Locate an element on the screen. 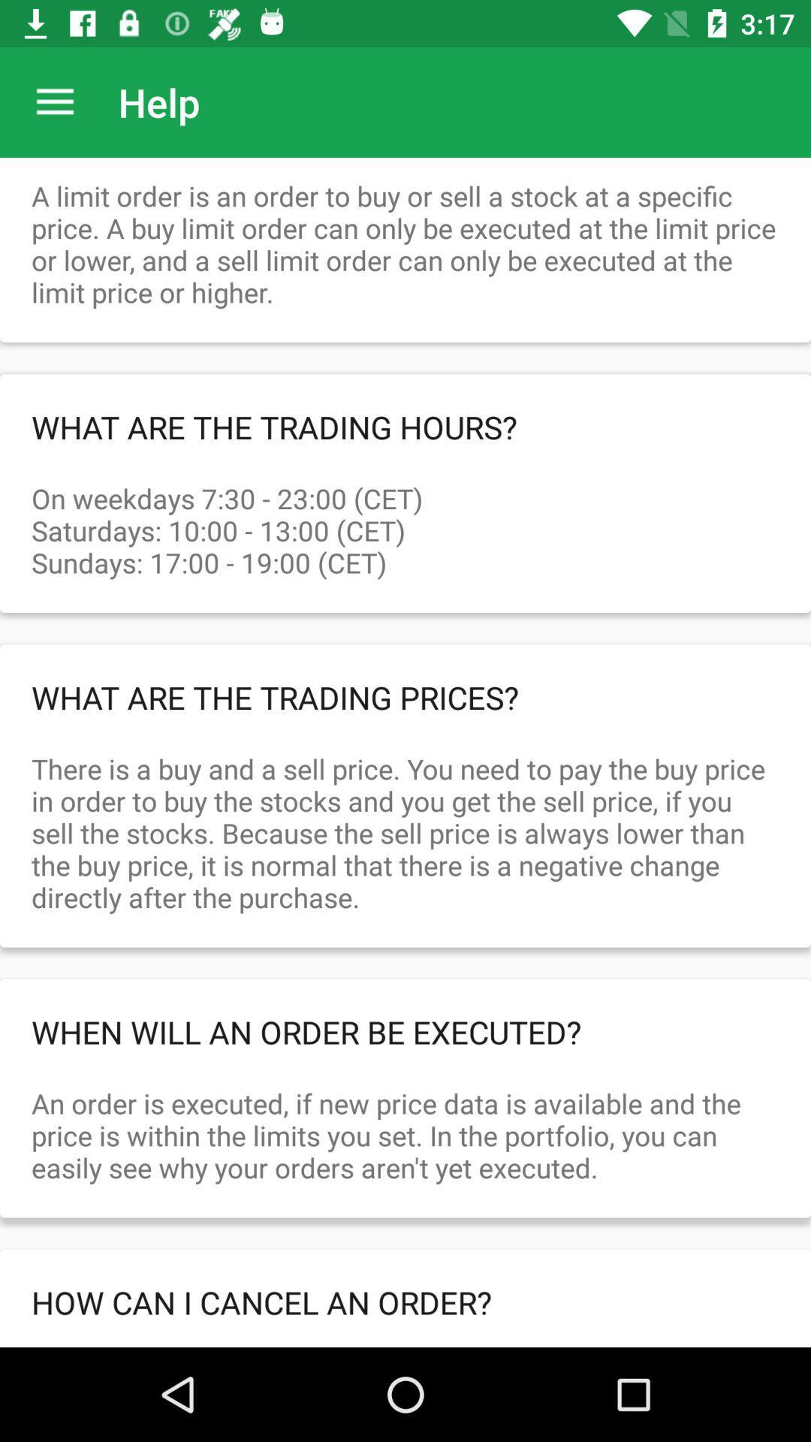 This screenshot has width=811, height=1442. the on weekdays 7 is located at coordinates (405, 514).